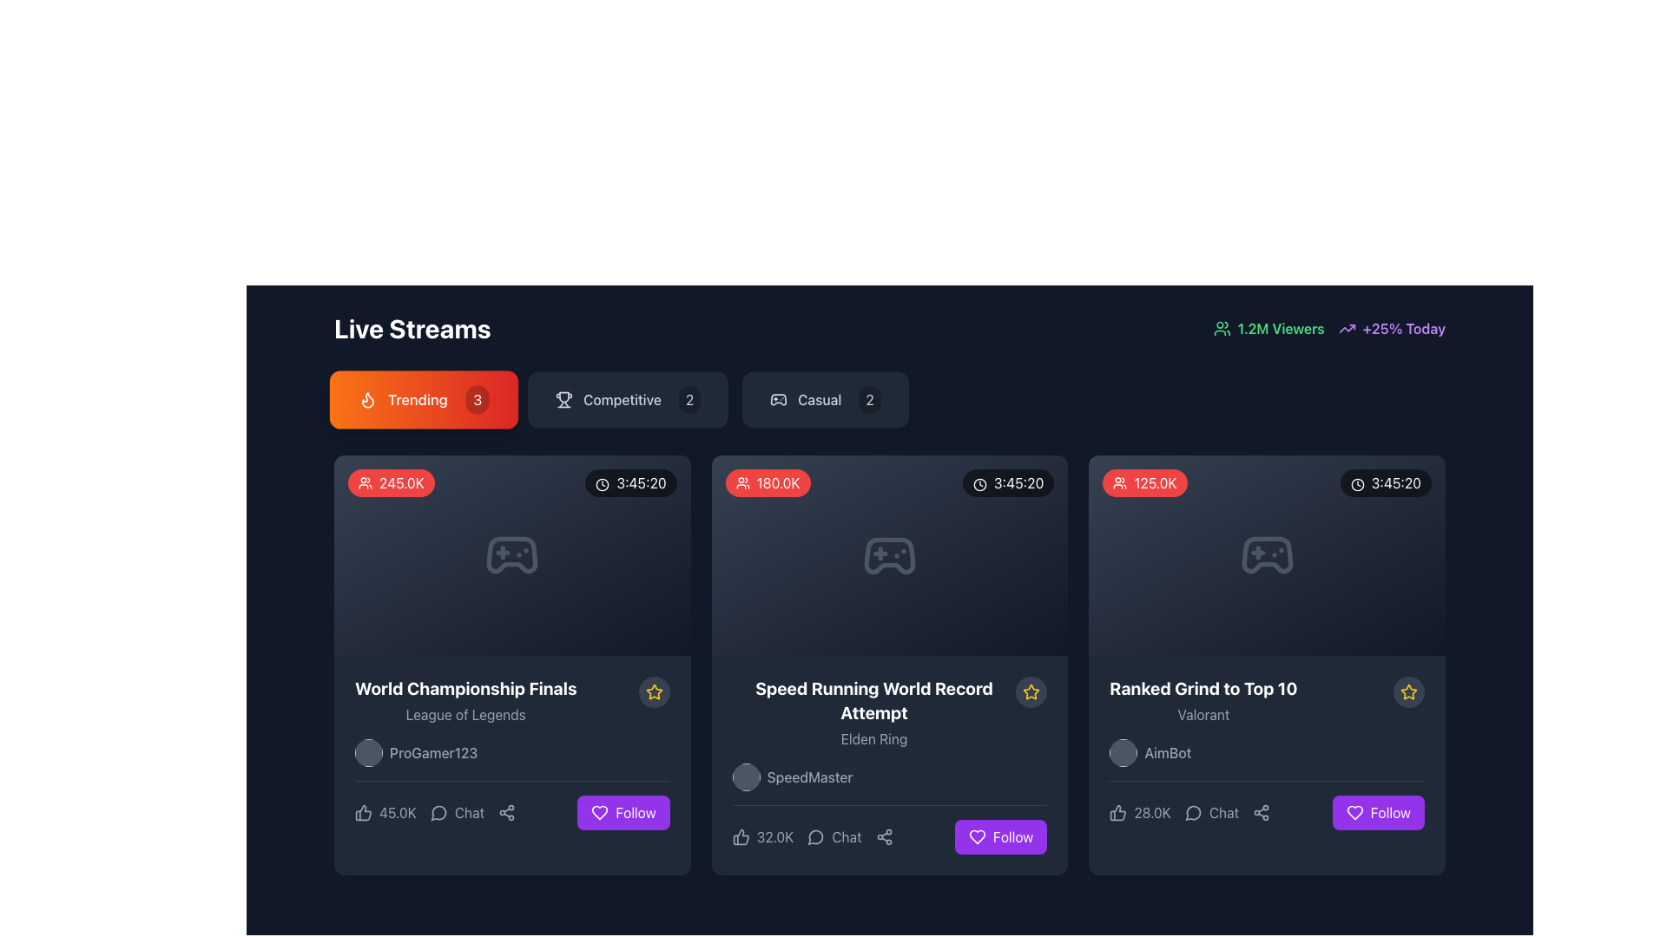 Image resolution: width=1667 pixels, height=937 pixels. Describe the element at coordinates (1408, 691) in the screenshot. I see `the star icon located at the bottom right corner of the 'Ranked Grind to Top 10' content card` at that location.